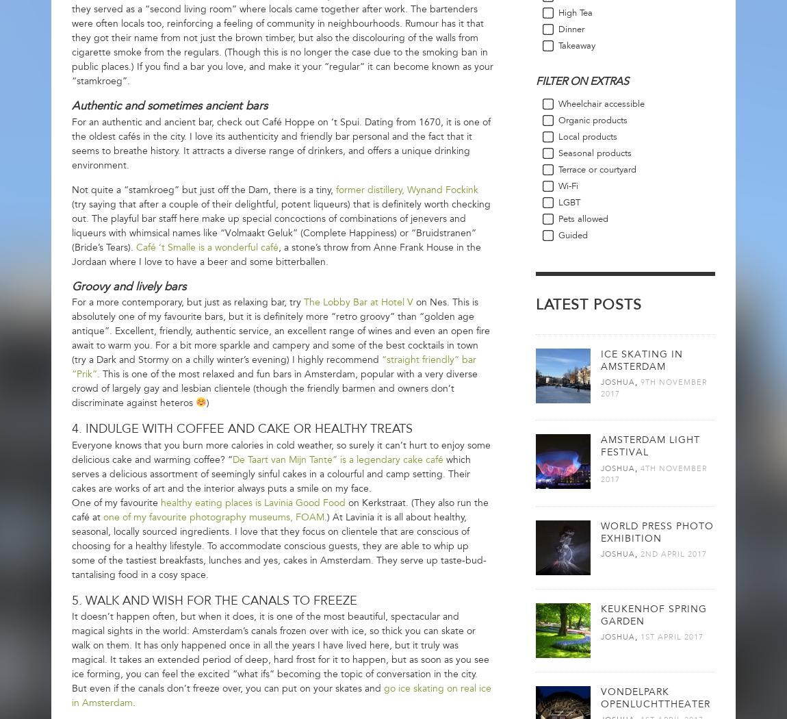 This screenshot has height=719, width=787. What do you see at coordinates (128, 286) in the screenshot?
I see `'Groovy and lively bars'` at bounding box center [128, 286].